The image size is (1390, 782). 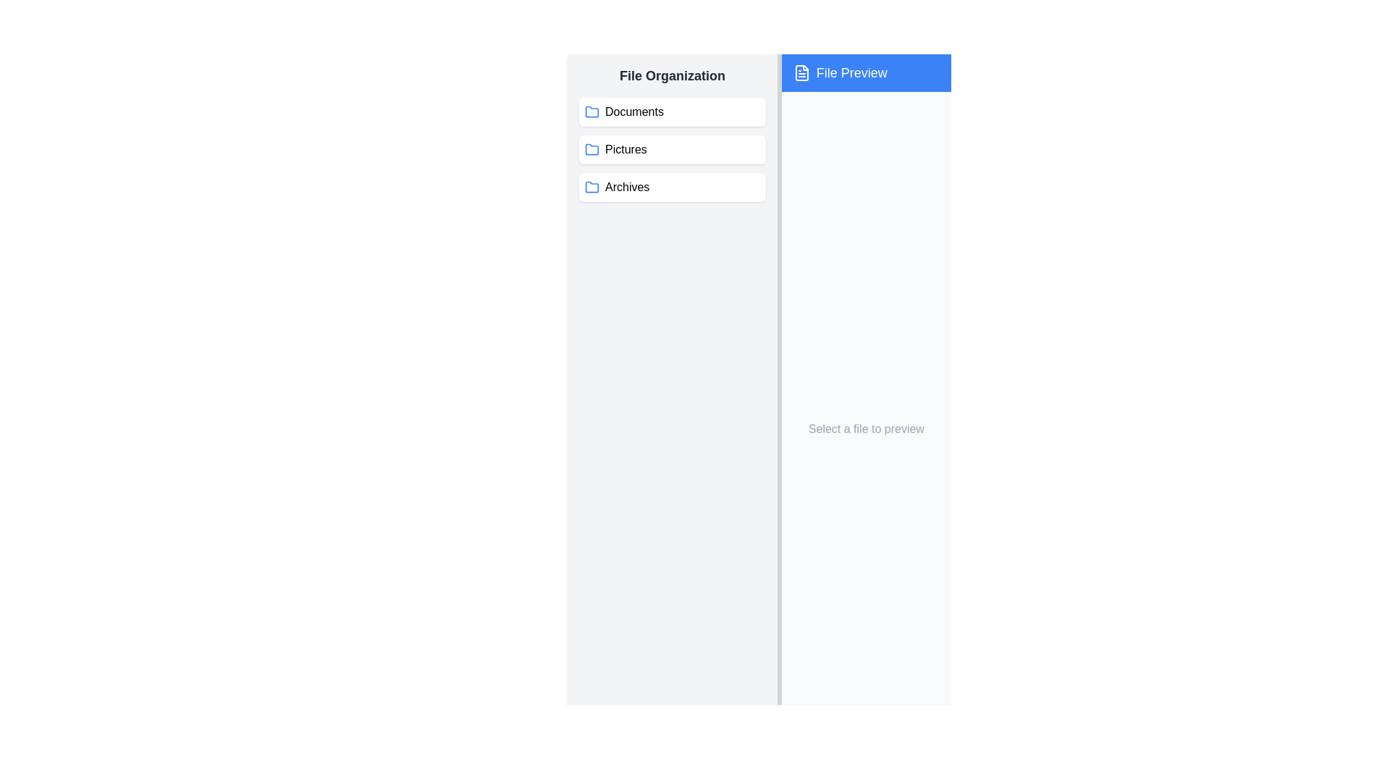 What do you see at coordinates (672, 150) in the screenshot?
I see `the 'Pictures' button, which is the second option in the 'File Organization' category` at bounding box center [672, 150].